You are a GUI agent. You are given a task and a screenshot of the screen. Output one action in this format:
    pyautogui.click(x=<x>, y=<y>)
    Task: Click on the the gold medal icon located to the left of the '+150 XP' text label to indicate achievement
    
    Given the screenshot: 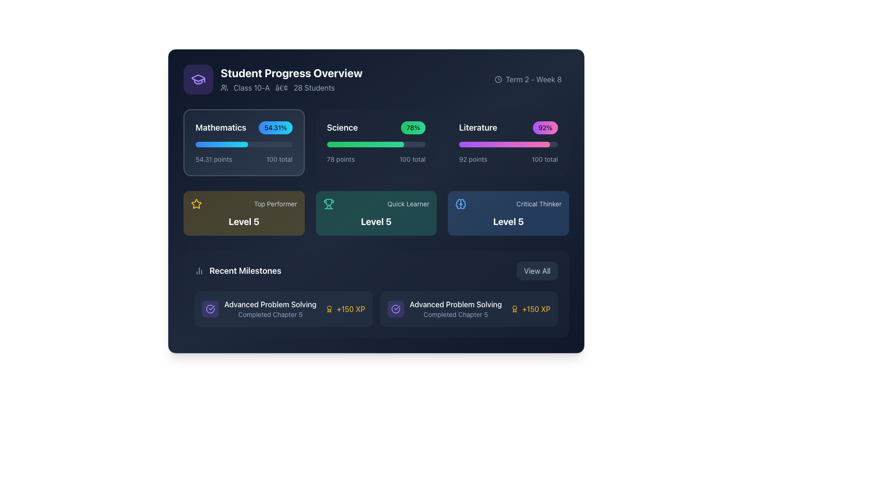 What is the action you would take?
    pyautogui.click(x=329, y=309)
    